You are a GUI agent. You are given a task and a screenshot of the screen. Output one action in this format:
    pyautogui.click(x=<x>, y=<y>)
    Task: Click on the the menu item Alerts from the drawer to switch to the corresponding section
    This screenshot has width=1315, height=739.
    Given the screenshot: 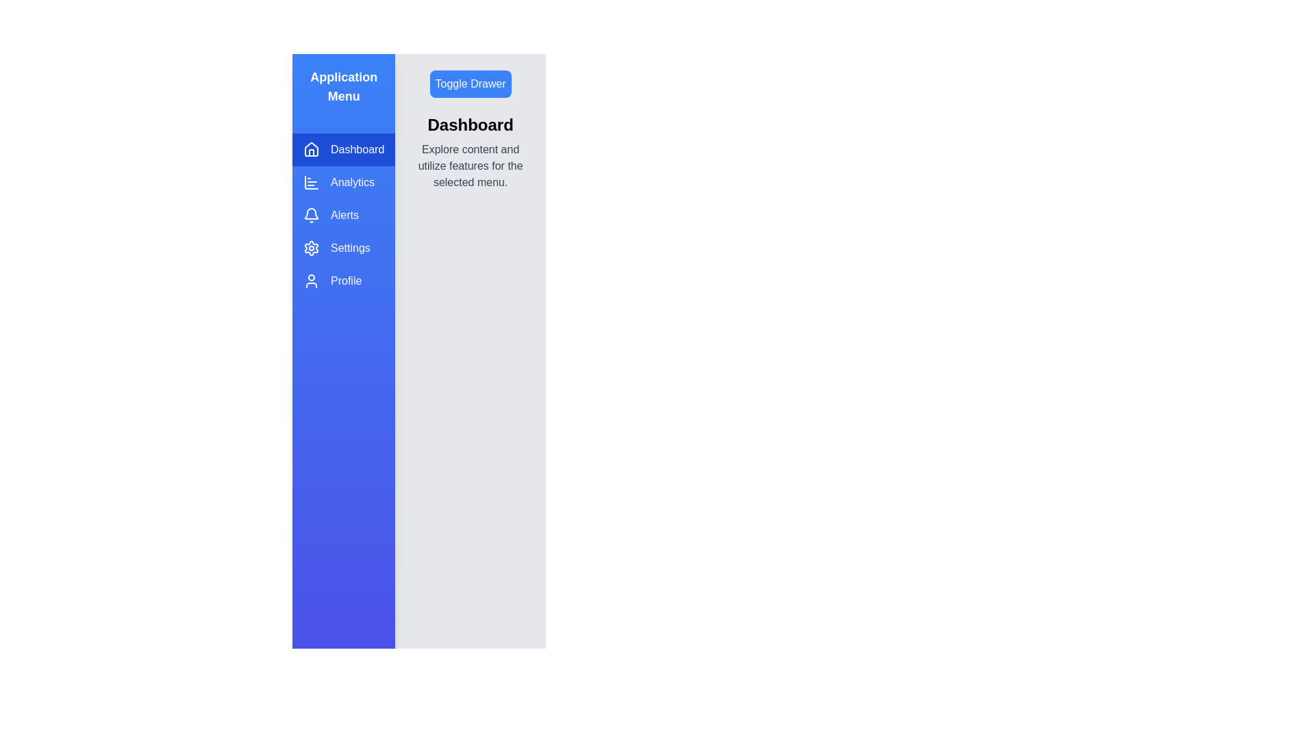 What is the action you would take?
    pyautogui.click(x=344, y=216)
    